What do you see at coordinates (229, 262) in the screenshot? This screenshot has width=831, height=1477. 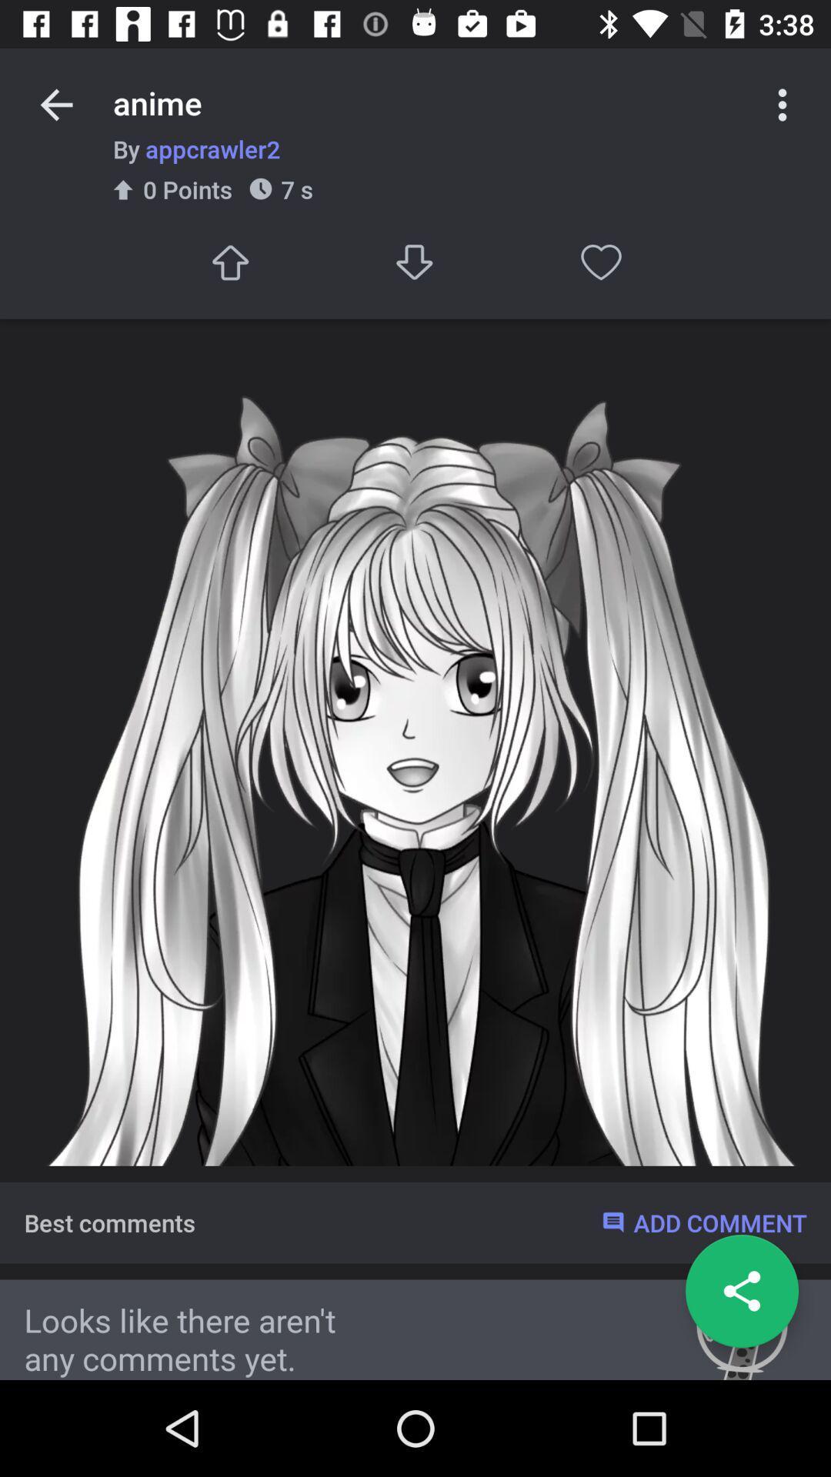 I see `the arrow_upward icon` at bounding box center [229, 262].